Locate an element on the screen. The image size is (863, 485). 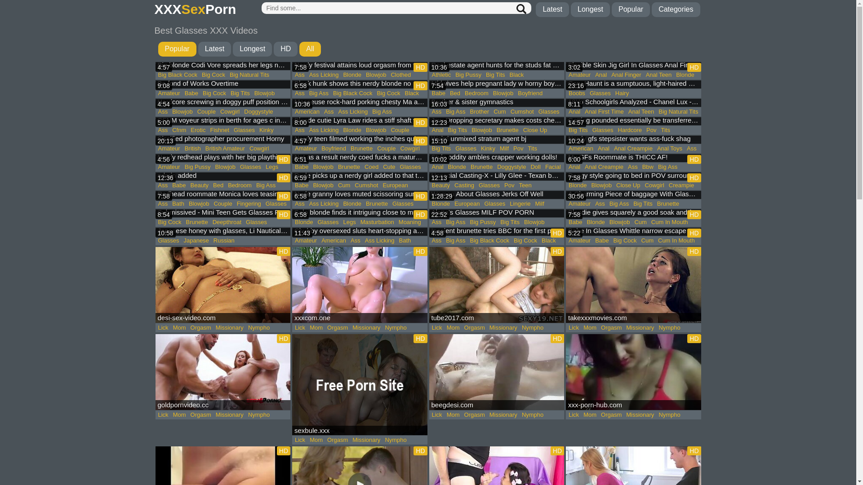
'Milf' is located at coordinates (504, 148).